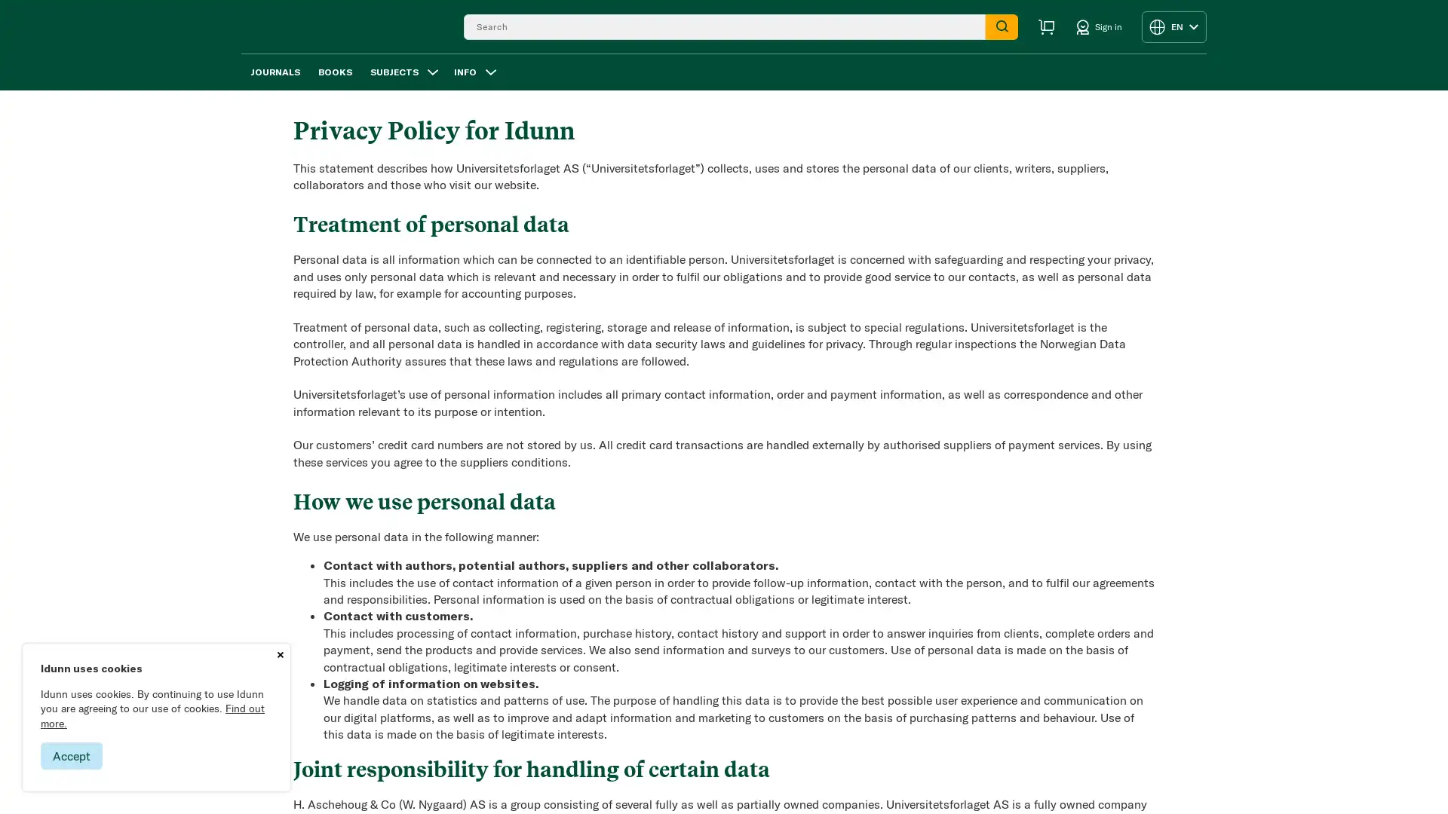  I want to click on EN, so click(1173, 26).